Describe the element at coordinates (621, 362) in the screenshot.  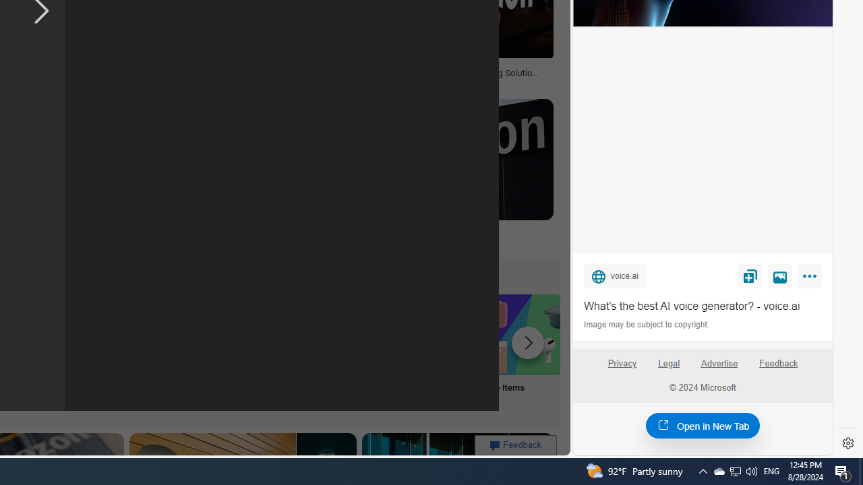
I see `'Privacy'` at that location.